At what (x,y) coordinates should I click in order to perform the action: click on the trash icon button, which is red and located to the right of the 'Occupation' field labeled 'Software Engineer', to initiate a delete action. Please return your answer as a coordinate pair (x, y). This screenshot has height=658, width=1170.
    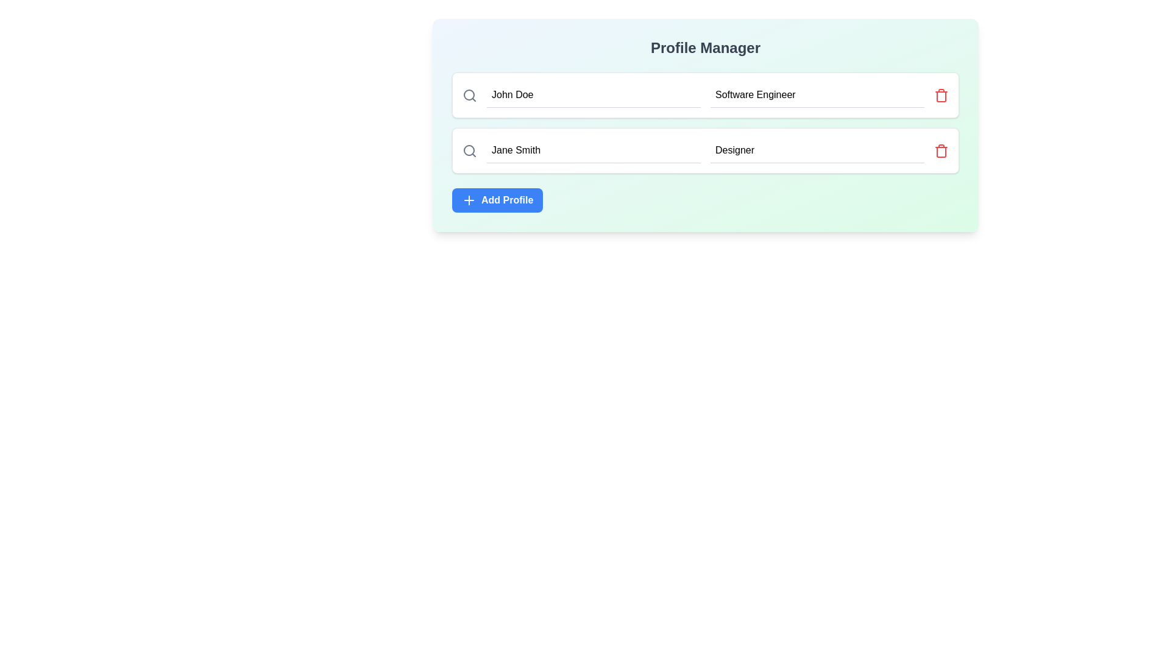
    Looking at the image, I should click on (941, 94).